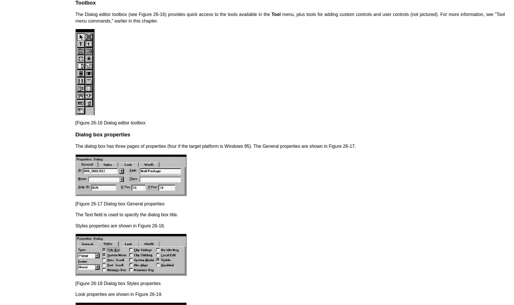 Image resolution: width=514 pixels, height=305 pixels. Describe the element at coordinates (118, 283) in the screenshot. I see `'[Figure 26-18 Dialog box Styles properties'` at that location.